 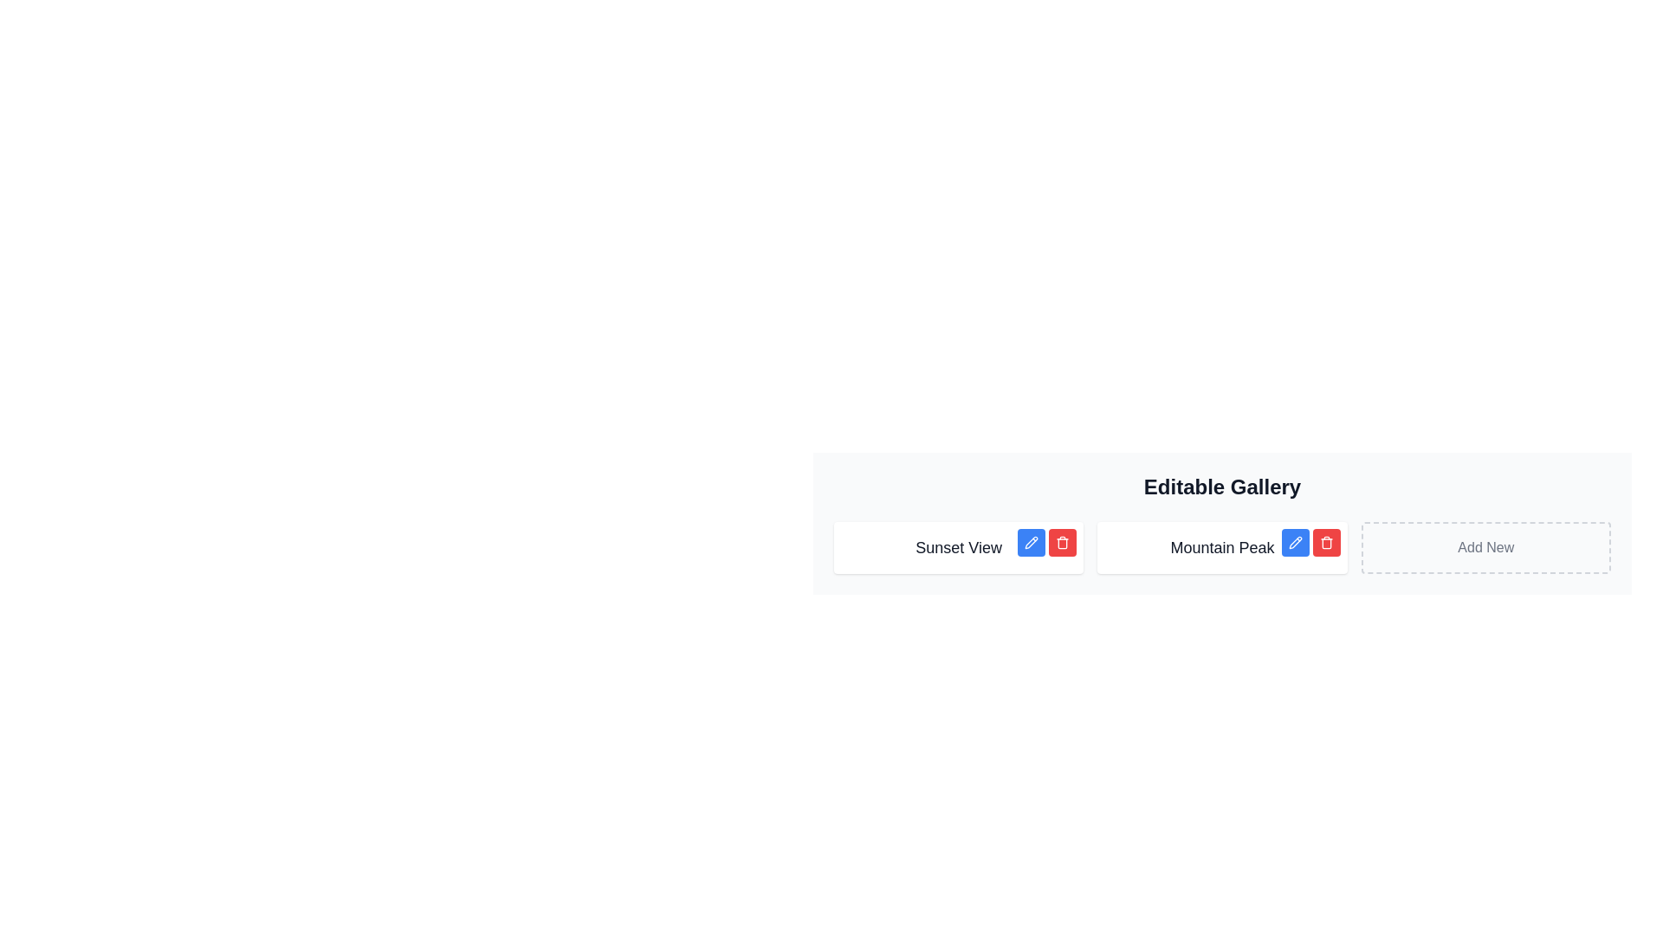 I want to click on the editing button located within the 'Editable Gallery' layout, which is positioned to the right of the label 'Mountain Peak' and left of the red trash can button, so click(x=1295, y=542).